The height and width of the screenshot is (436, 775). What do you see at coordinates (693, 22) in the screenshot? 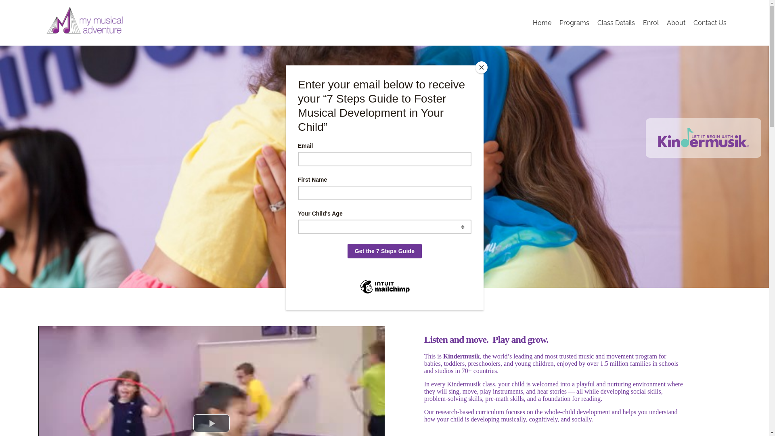
I see `'Contact Us'` at bounding box center [693, 22].